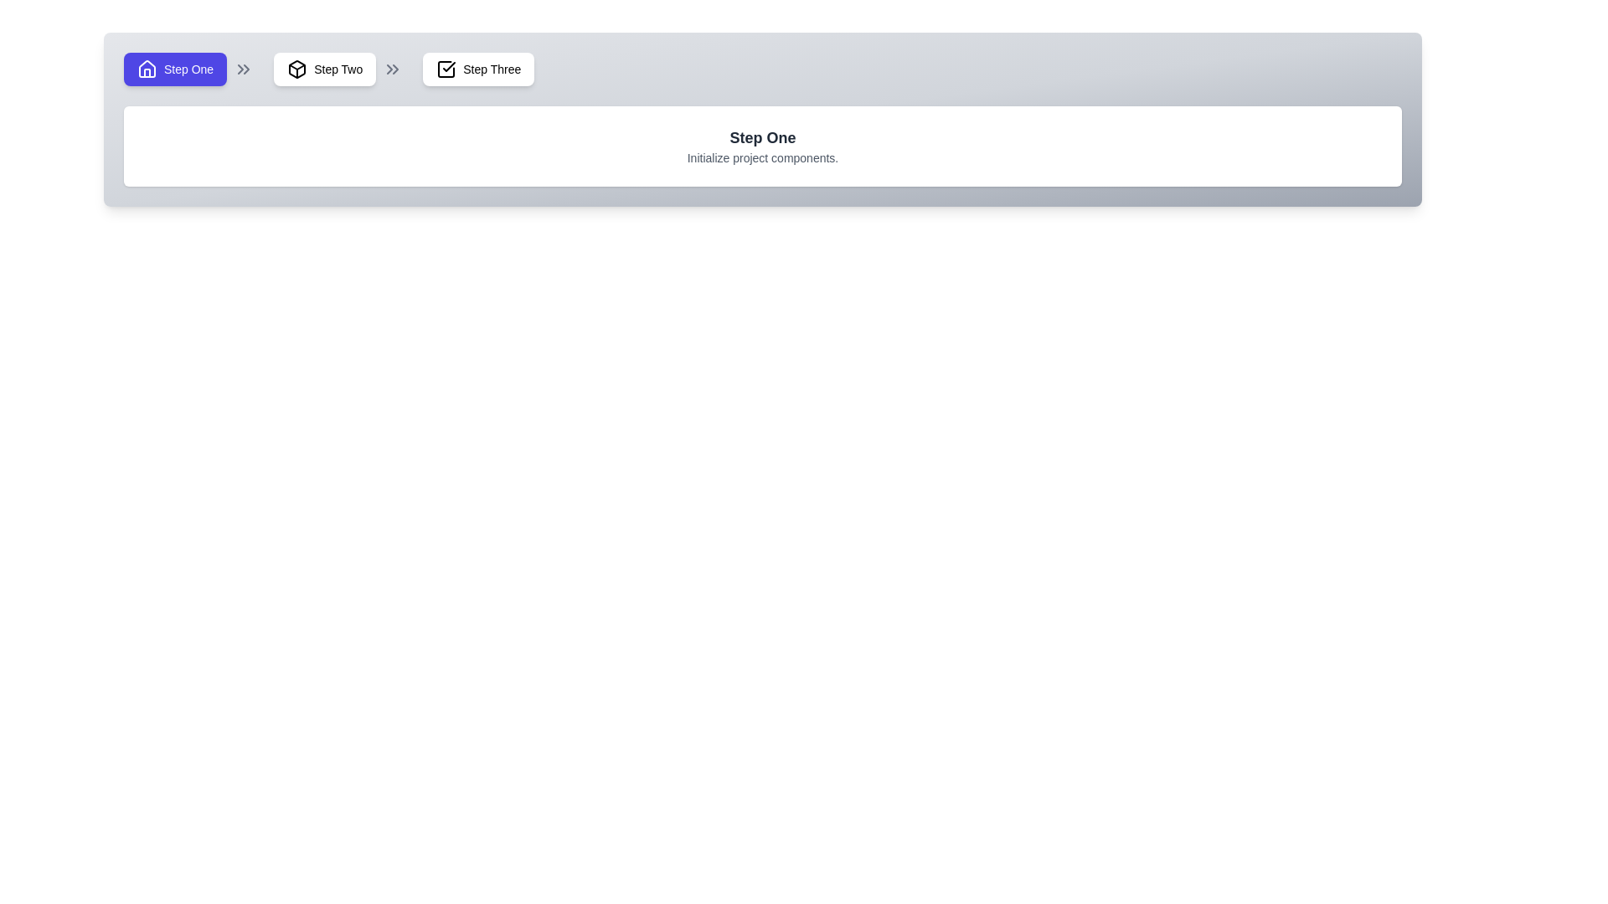  Describe the element at coordinates (147, 67) in the screenshot. I see `the 'home' icon representing the 'Step One' feature located on the leftmost side of the step navigation bar` at that location.